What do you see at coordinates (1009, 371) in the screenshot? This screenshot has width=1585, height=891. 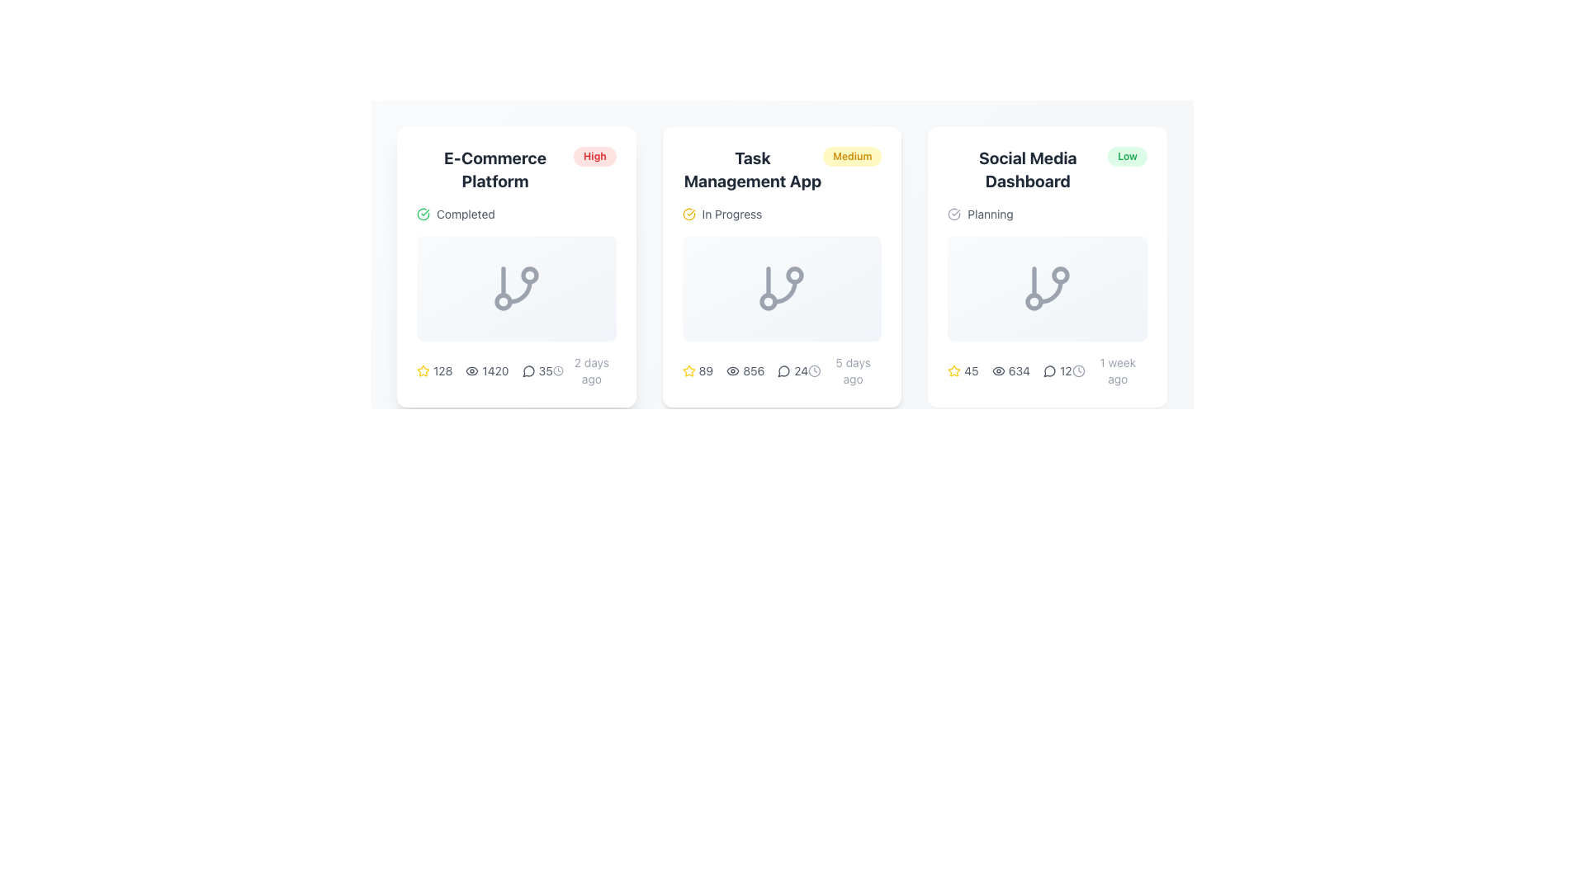 I see `the Statistic display row that shows engagement statistics such as ratings, views, and comments, located in the bottom section of the 'Social Media Dashboard' card, just above the '1 week ago' text` at bounding box center [1009, 371].